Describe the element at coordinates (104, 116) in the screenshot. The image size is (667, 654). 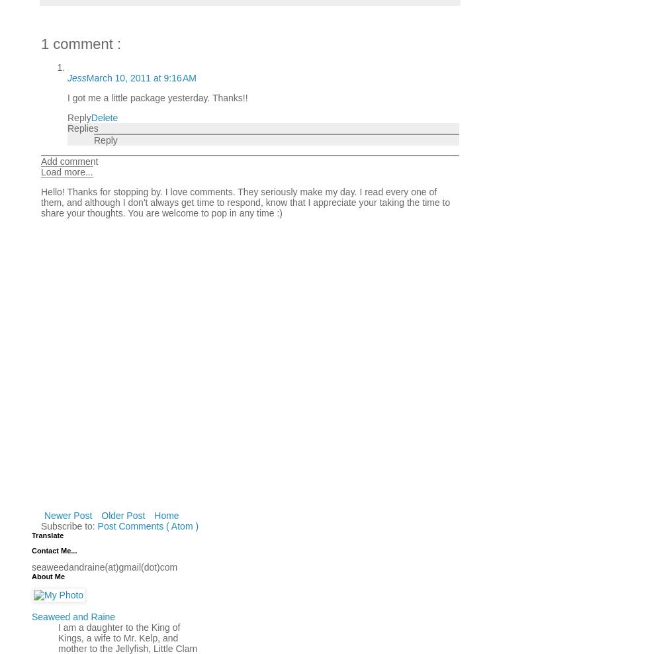
I see `'Delete'` at that location.